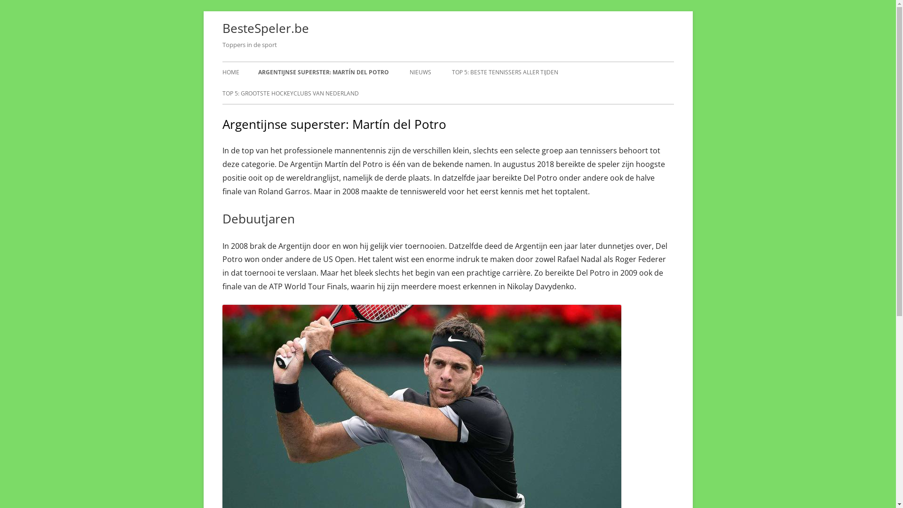 This screenshot has height=508, width=903. Describe the element at coordinates (265, 28) in the screenshot. I see `'BesteSpeler.be'` at that location.